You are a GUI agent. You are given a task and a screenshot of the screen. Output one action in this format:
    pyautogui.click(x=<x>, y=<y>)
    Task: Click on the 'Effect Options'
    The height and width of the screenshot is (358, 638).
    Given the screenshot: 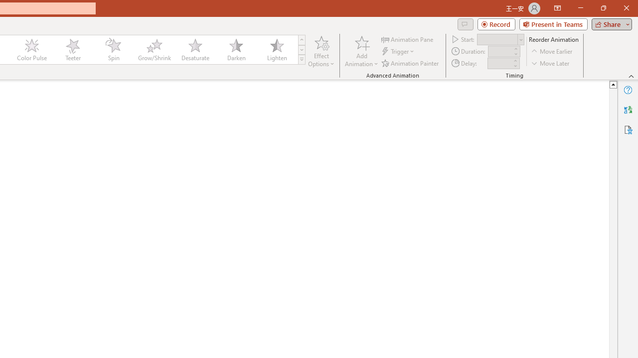 What is the action you would take?
    pyautogui.click(x=321, y=51)
    